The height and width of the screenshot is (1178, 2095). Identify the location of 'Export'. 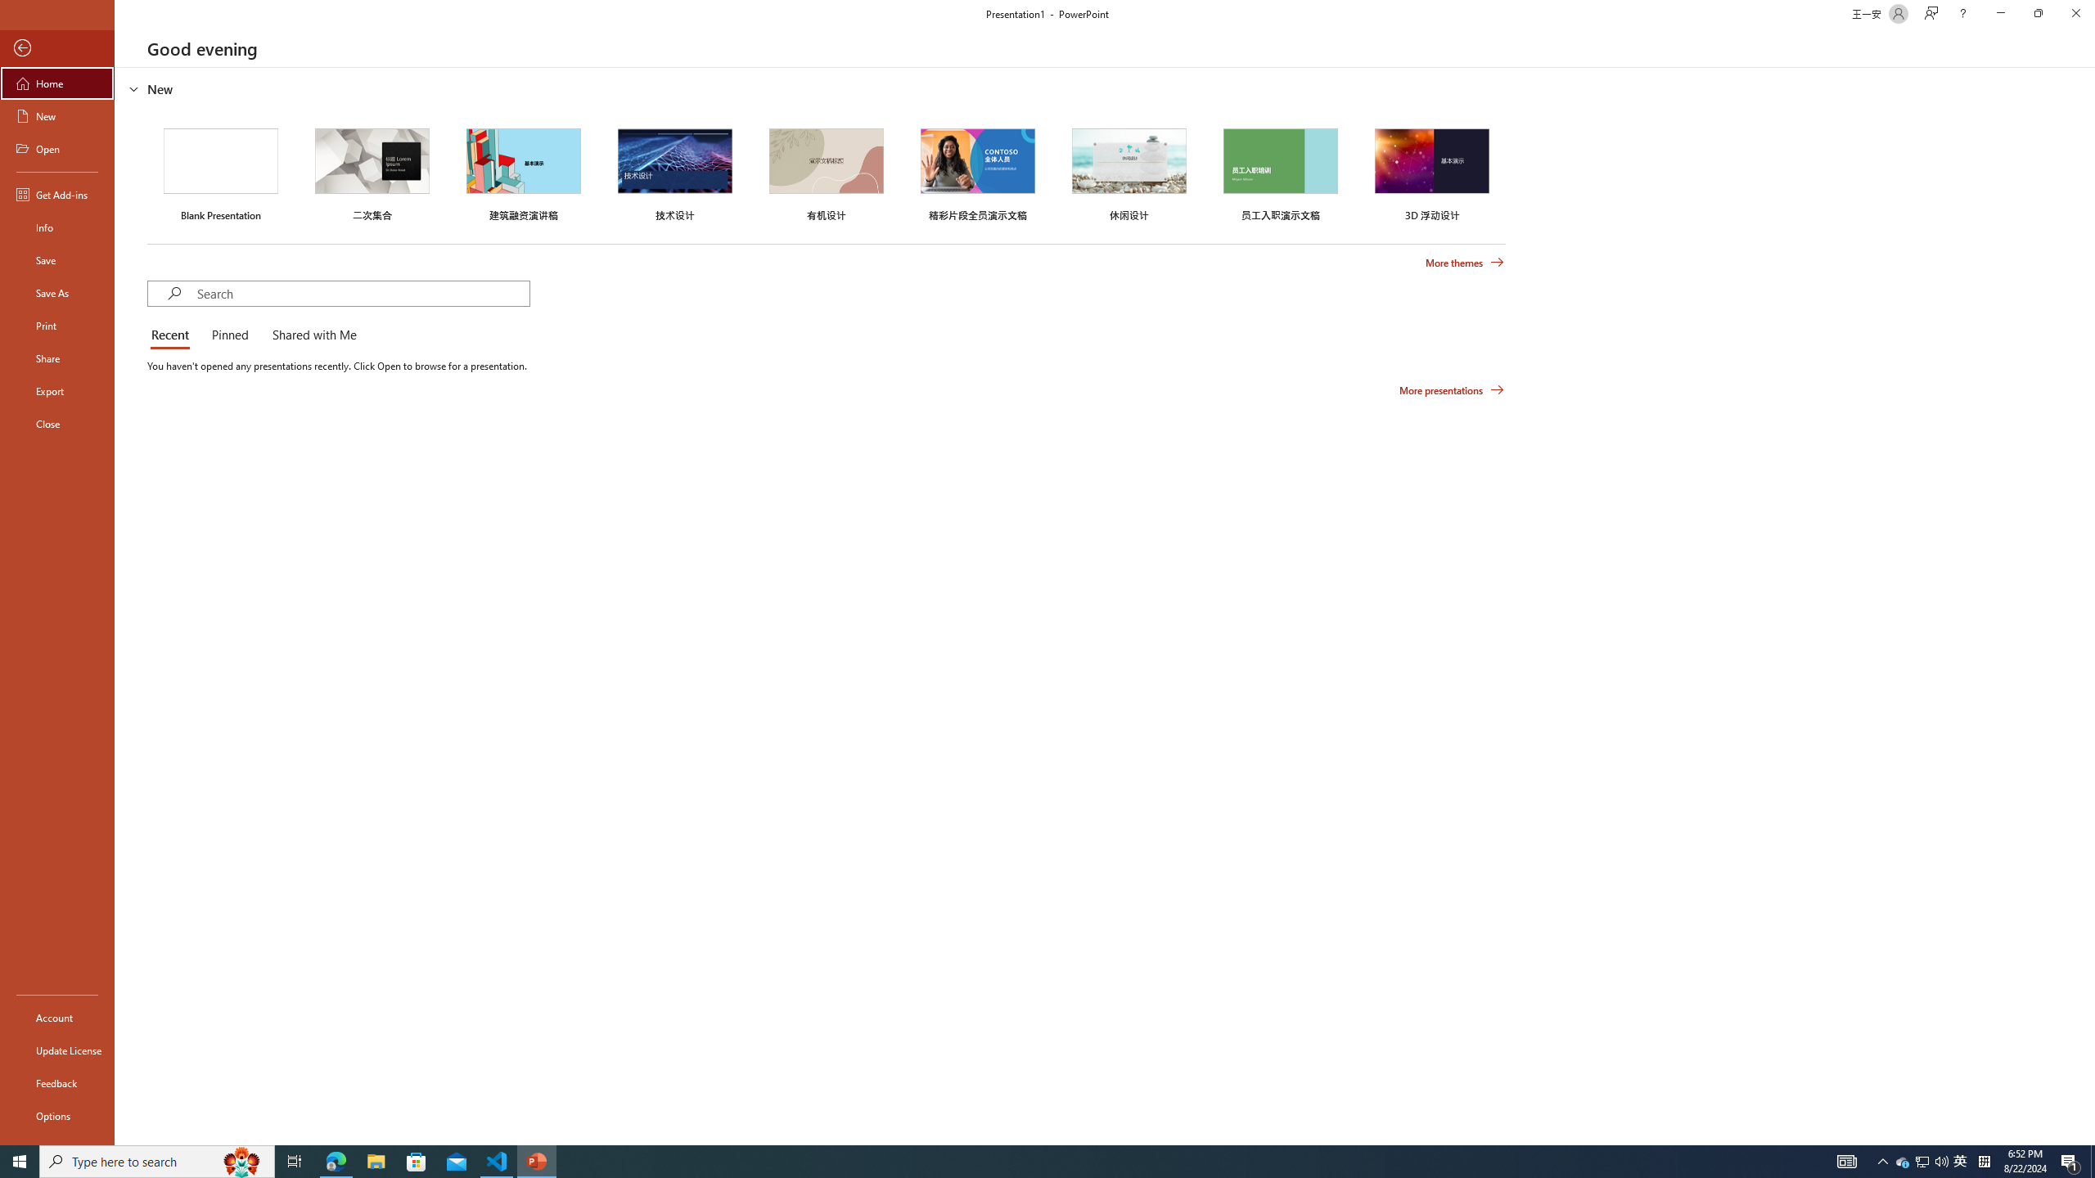
(56, 391).